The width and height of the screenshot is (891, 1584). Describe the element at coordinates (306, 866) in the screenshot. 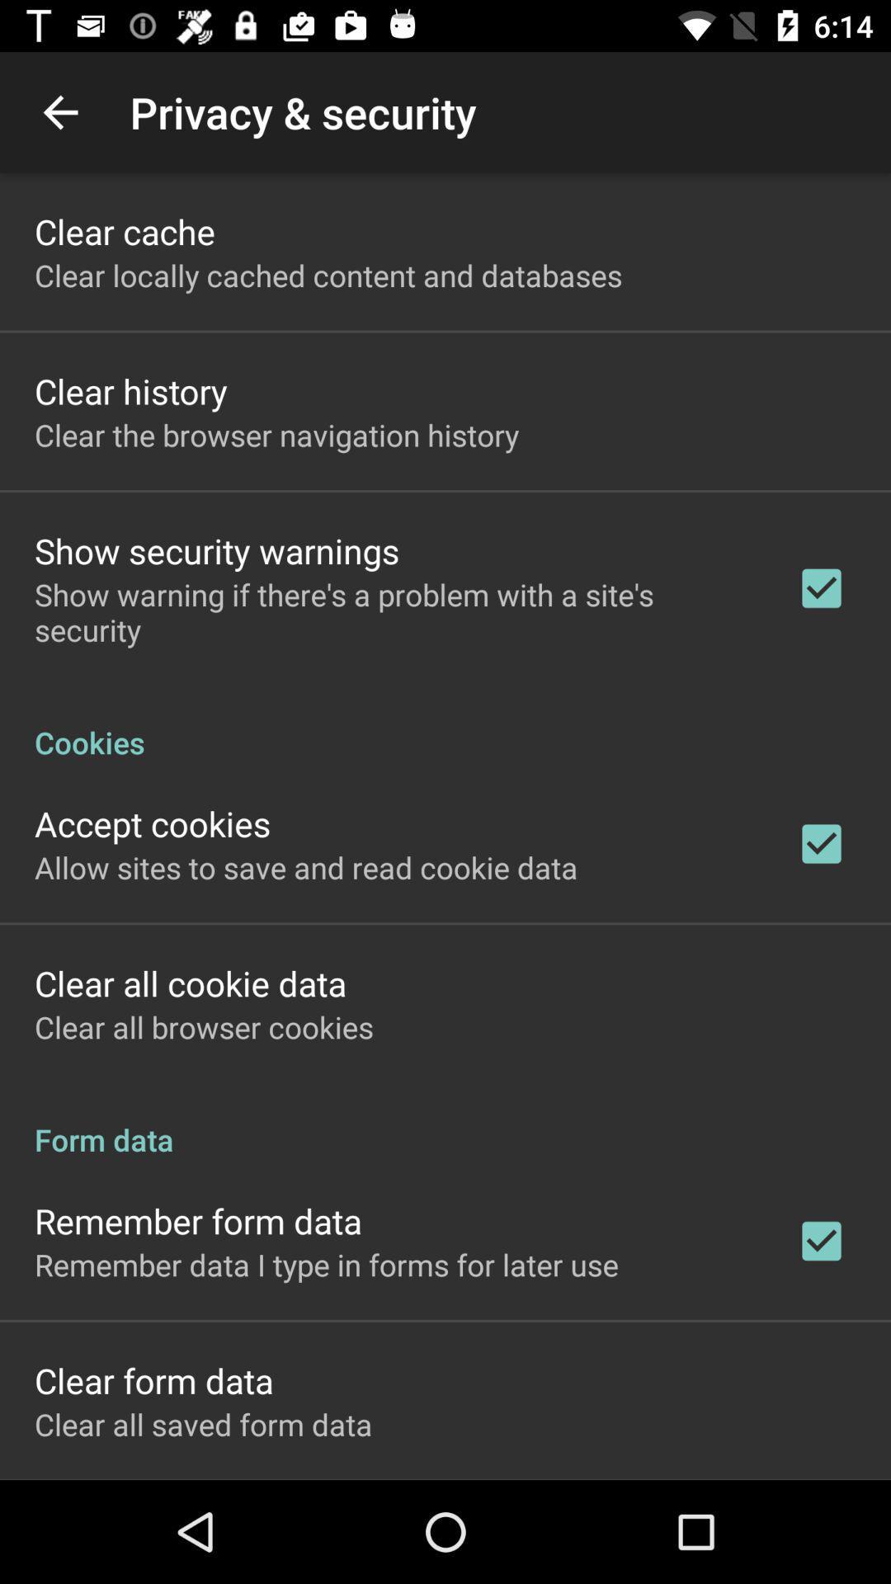

I see `the icon above clear all cookie app` at that location.